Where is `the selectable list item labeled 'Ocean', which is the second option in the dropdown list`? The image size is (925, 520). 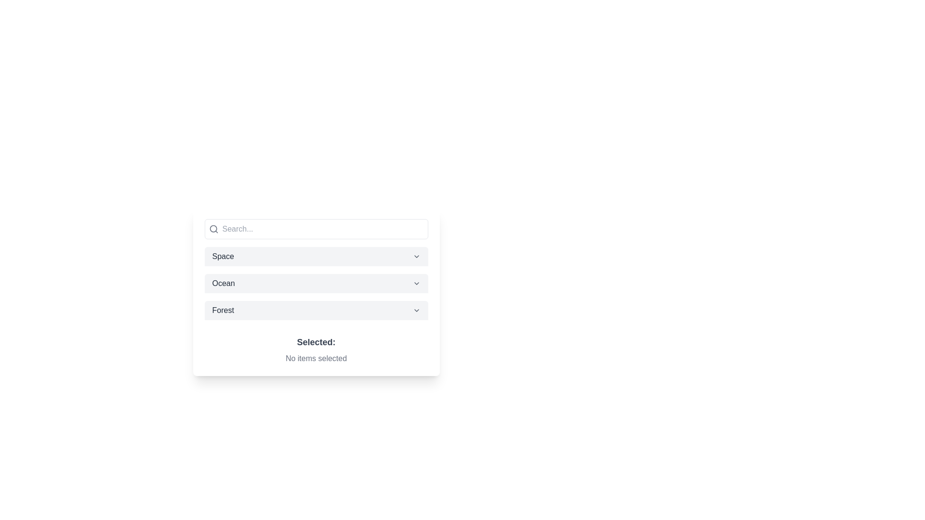 the selectable list item labeled 'Ocean', which is the second option in the dropdown list is located at coordinates (316, 283).